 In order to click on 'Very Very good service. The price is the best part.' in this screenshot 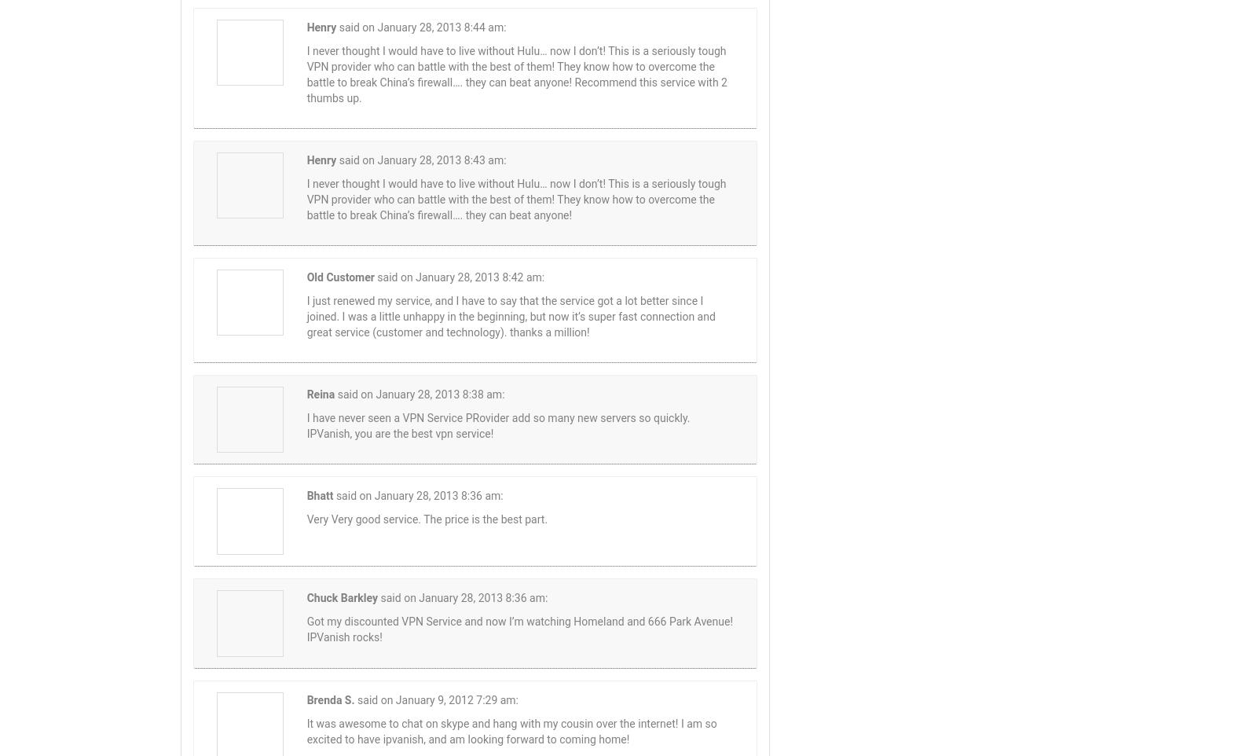, I will do `click(426, 519)`.